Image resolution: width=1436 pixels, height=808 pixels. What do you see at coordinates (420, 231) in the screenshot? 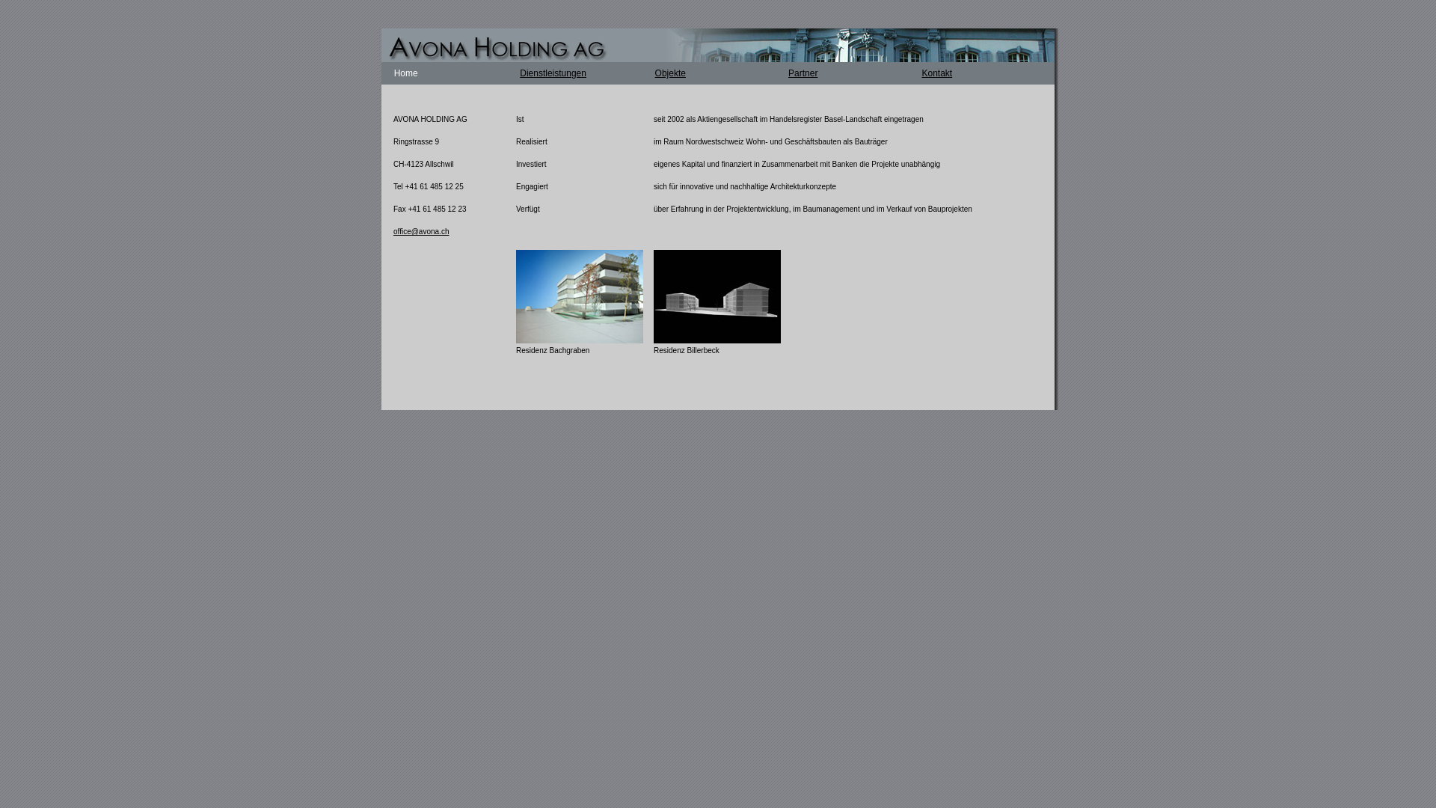
I see `'office@avona.ch'` at bounding box center [420, 231].